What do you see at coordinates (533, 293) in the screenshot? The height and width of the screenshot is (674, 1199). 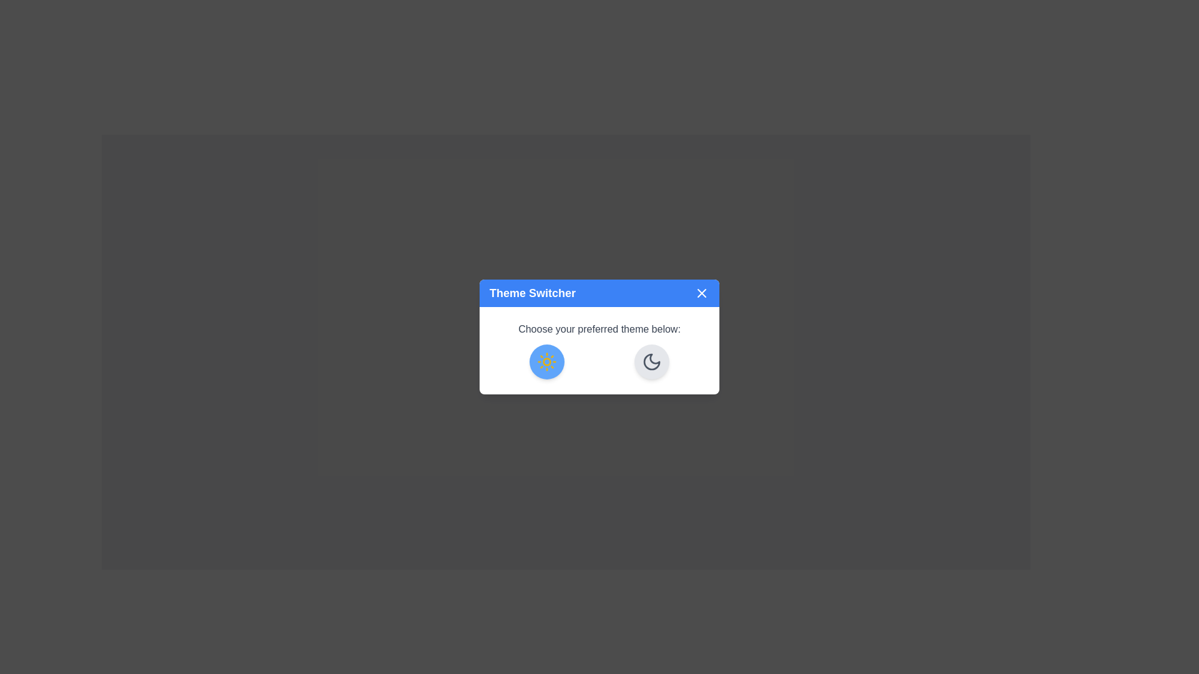 I see `the 'Theme Switcher' text label, which is styled with a large, bold font in white on a blue background, located in the upper left portion of a blue bar at the top of a modal dialog window` at bounding box center [533, 293].